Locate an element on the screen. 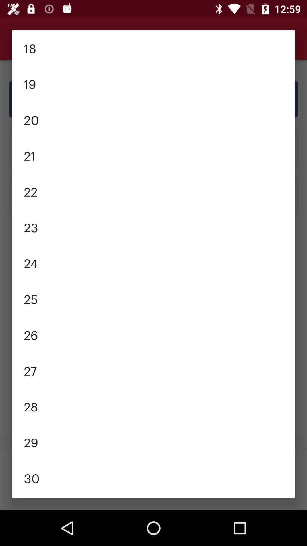  20 item is located at coordinates (153, 119).